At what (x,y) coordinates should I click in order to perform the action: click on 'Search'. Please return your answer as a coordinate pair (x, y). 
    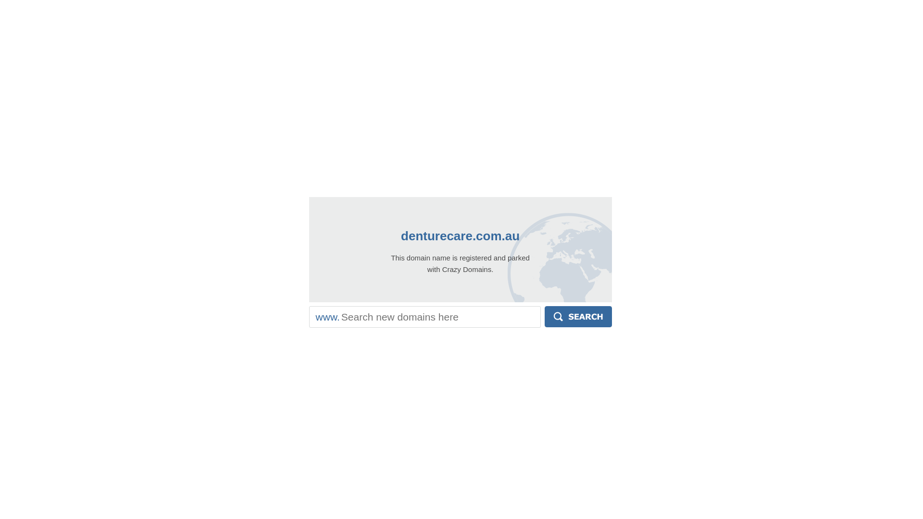
    Looking at the image, I should click on (578, 317).